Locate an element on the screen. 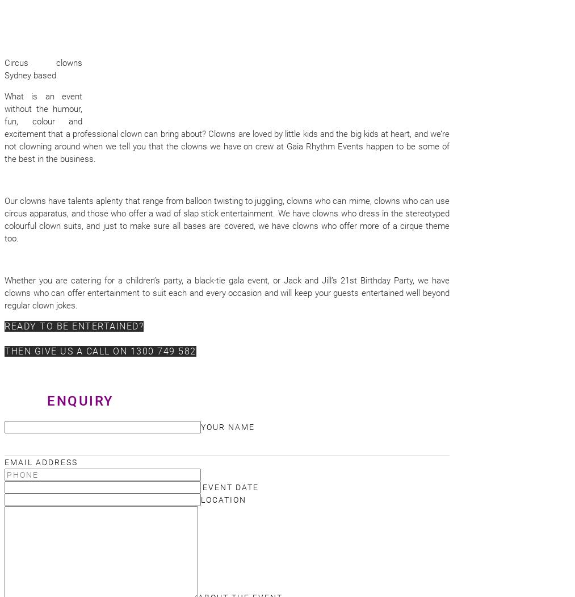 The width and height of the screenshot is (575, 597). 'READY TO BE ENTERTAINED?' is located at coordinates (4, 326).